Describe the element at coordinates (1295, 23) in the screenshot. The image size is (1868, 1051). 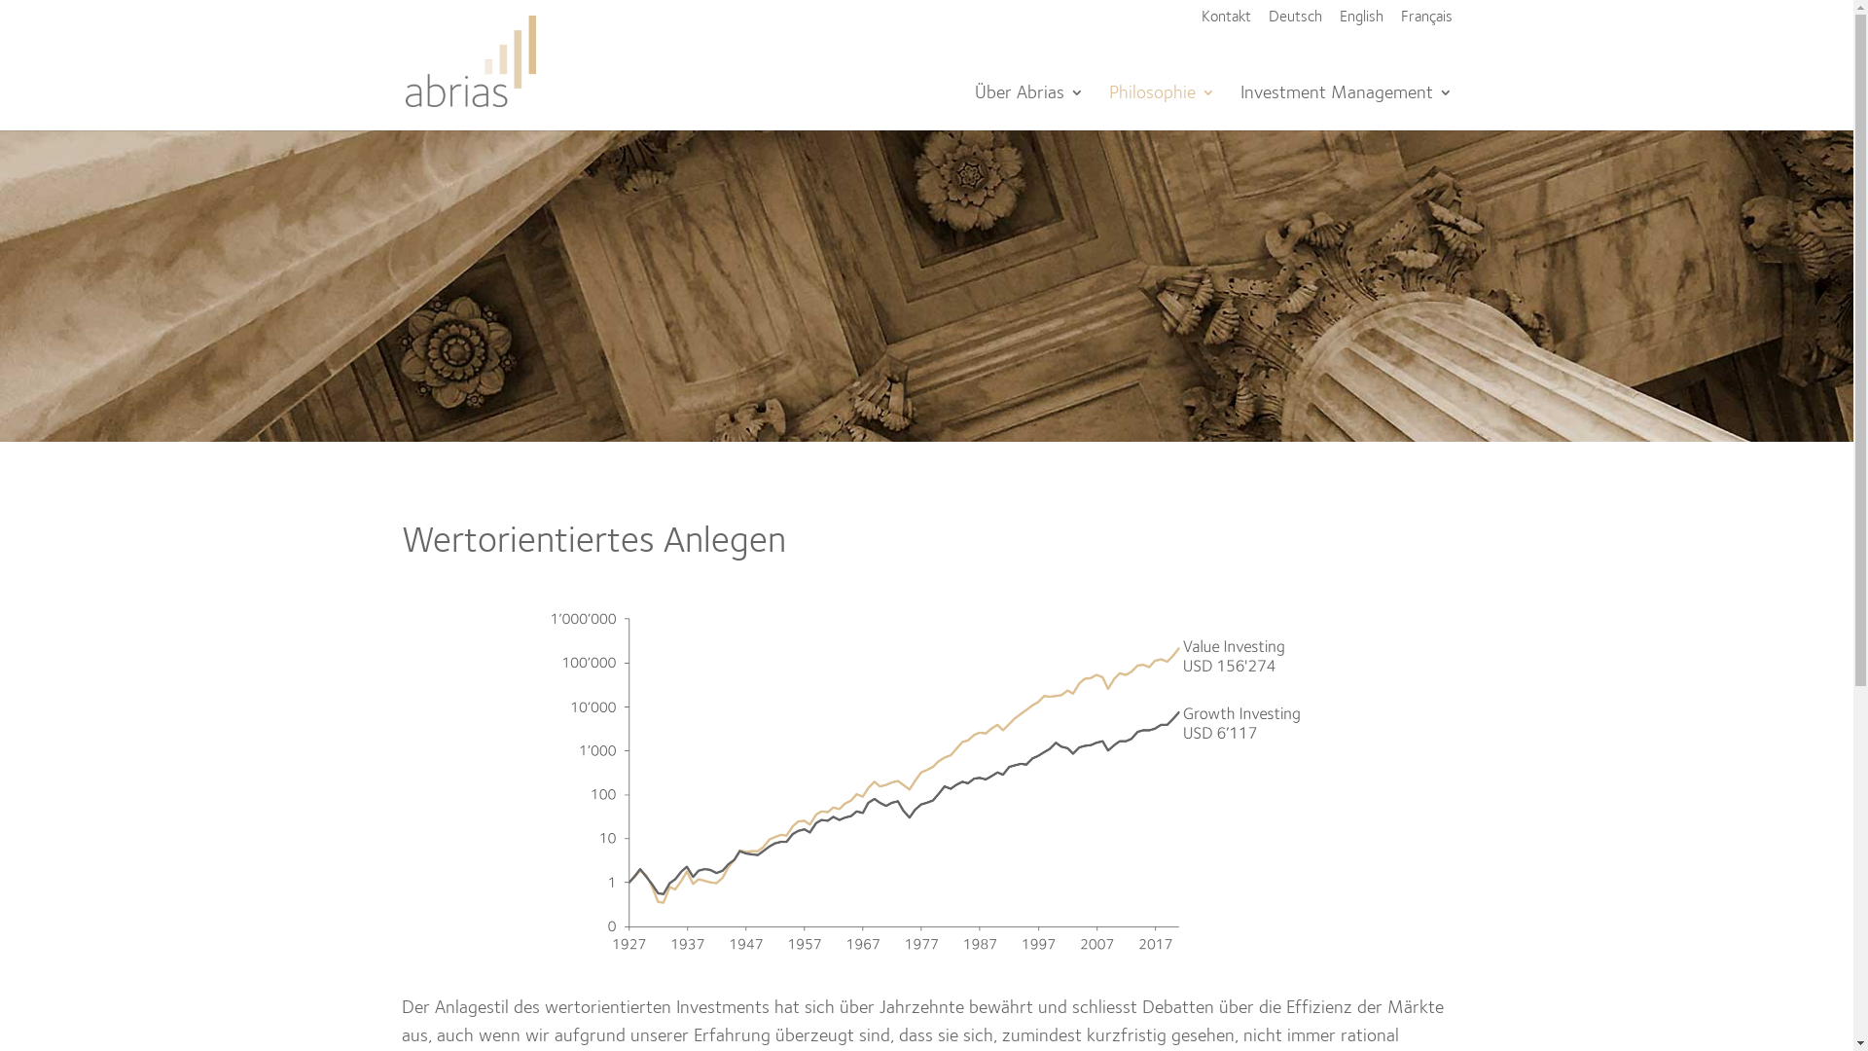
I see `'Deutsch'` at that location.